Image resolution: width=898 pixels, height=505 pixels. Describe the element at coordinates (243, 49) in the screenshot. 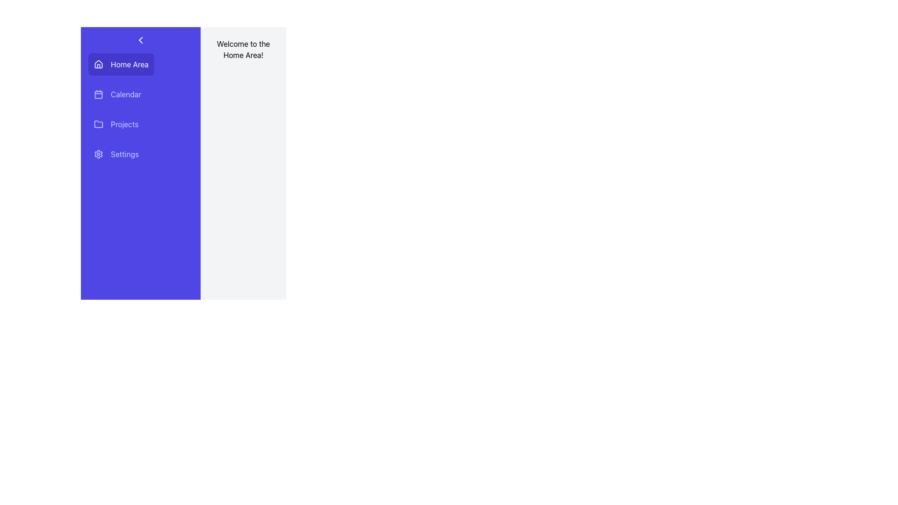

I see `welcome message text label located at the top-right portion of the interface, within the light gray area adjacent to the vertical navigation menu` at that location.